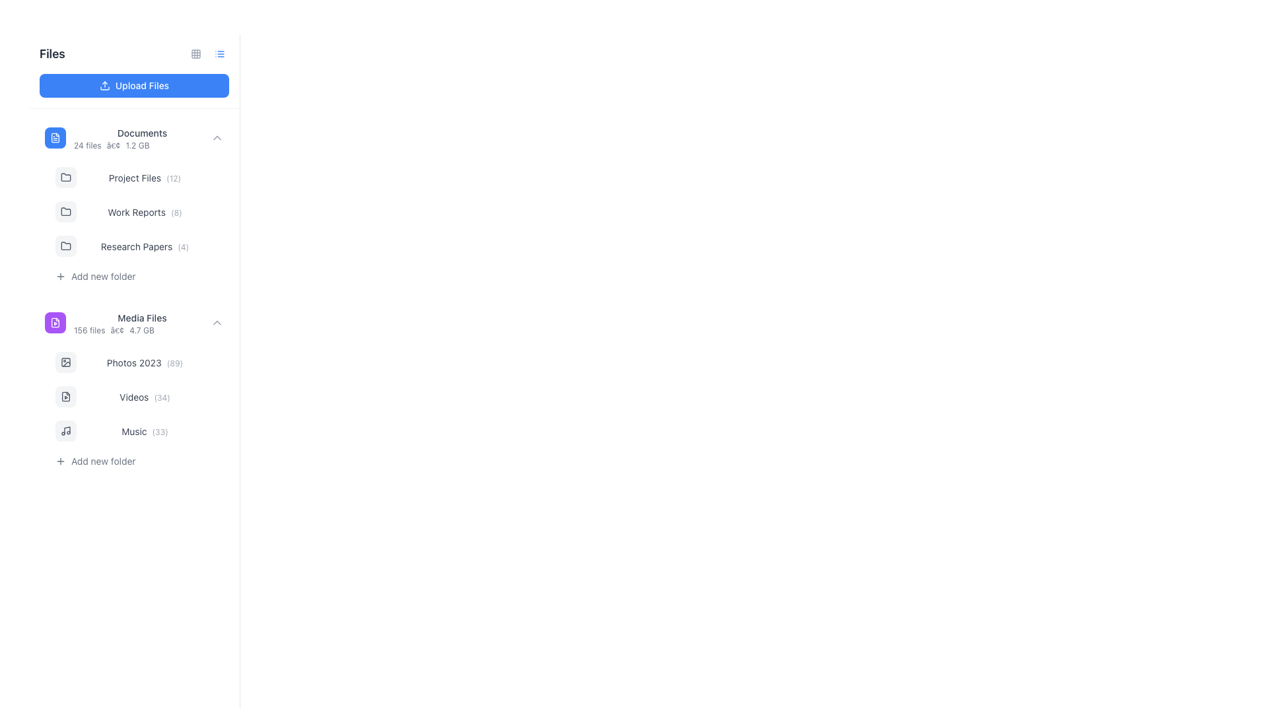  What do you see at coordinates (134, 86) in the screenshot?
I see `the 'Upload Files' button, which is a rectangular button with rounded corners and a vibrant blue background, located under the 'Files' header in the left panel of the interface` at bounding box center [134, 86].